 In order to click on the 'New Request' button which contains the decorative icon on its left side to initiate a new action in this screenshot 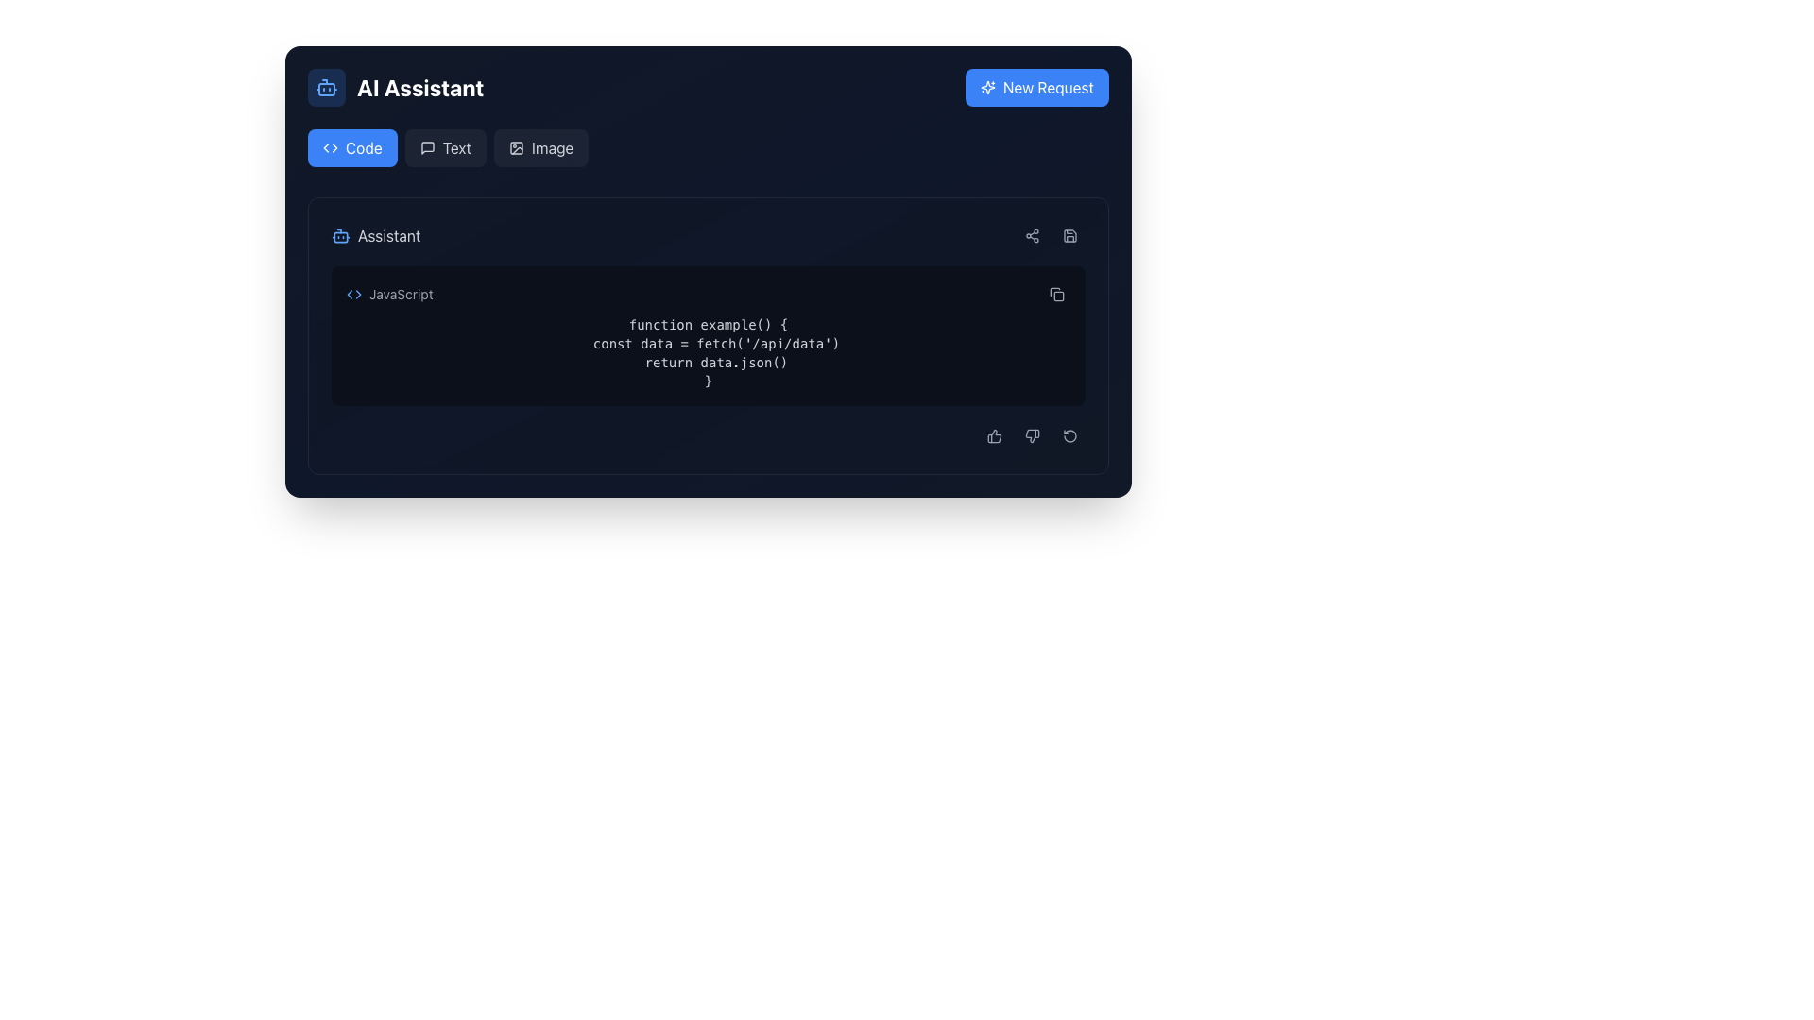, I will do `click(986, 87)`.